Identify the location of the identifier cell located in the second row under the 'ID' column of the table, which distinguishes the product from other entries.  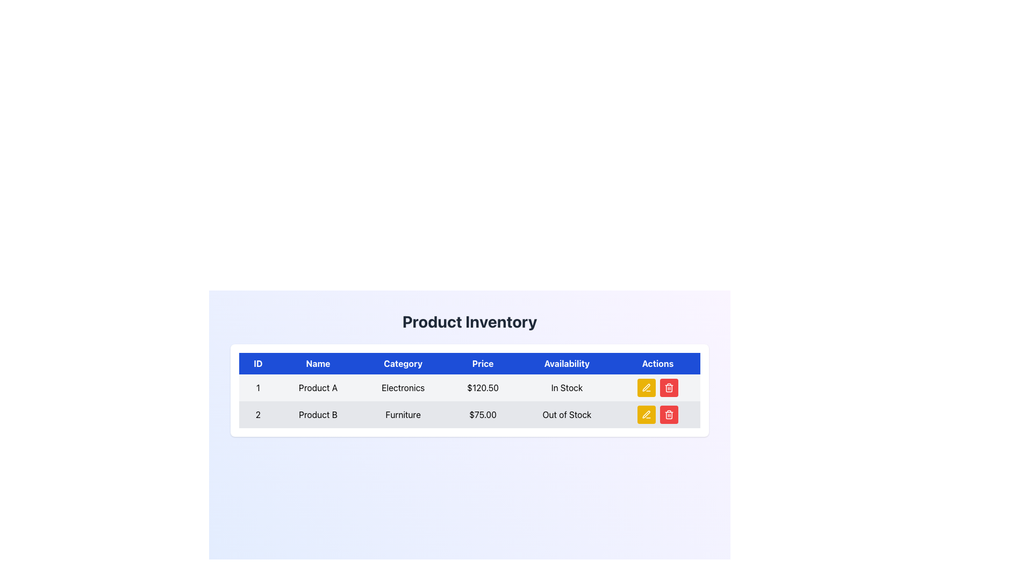
(258, 414).